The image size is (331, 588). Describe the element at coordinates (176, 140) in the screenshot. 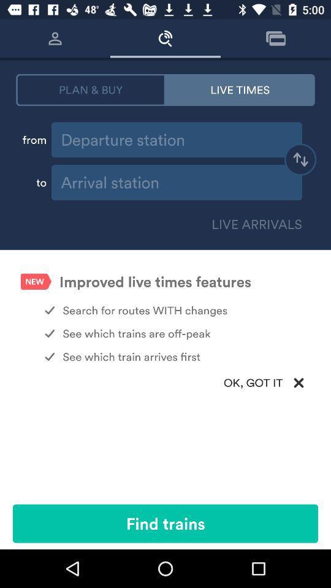

I see `fill in the departure station` at that location.